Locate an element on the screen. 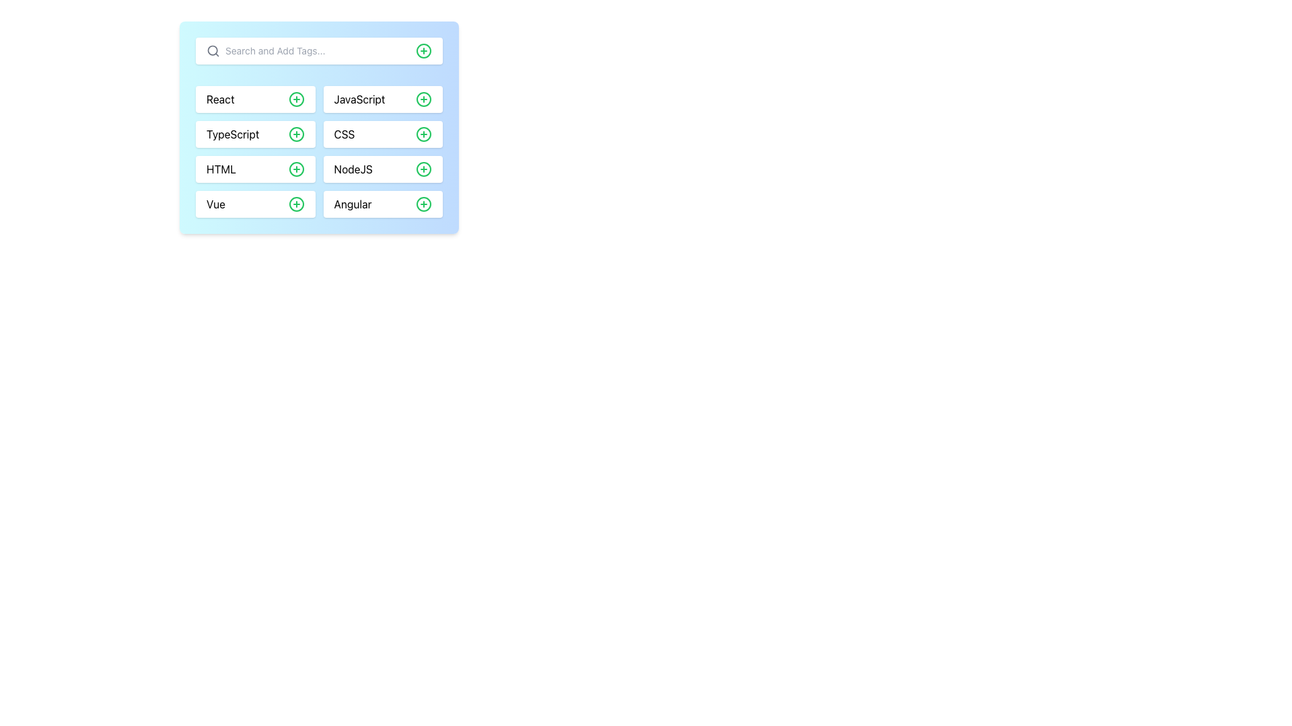 The image size is (1292, 726). the button for adding a 'CSS' tag, located in the rightmost position of the row under 'JavaScript' is located at coordinates (423, 134).